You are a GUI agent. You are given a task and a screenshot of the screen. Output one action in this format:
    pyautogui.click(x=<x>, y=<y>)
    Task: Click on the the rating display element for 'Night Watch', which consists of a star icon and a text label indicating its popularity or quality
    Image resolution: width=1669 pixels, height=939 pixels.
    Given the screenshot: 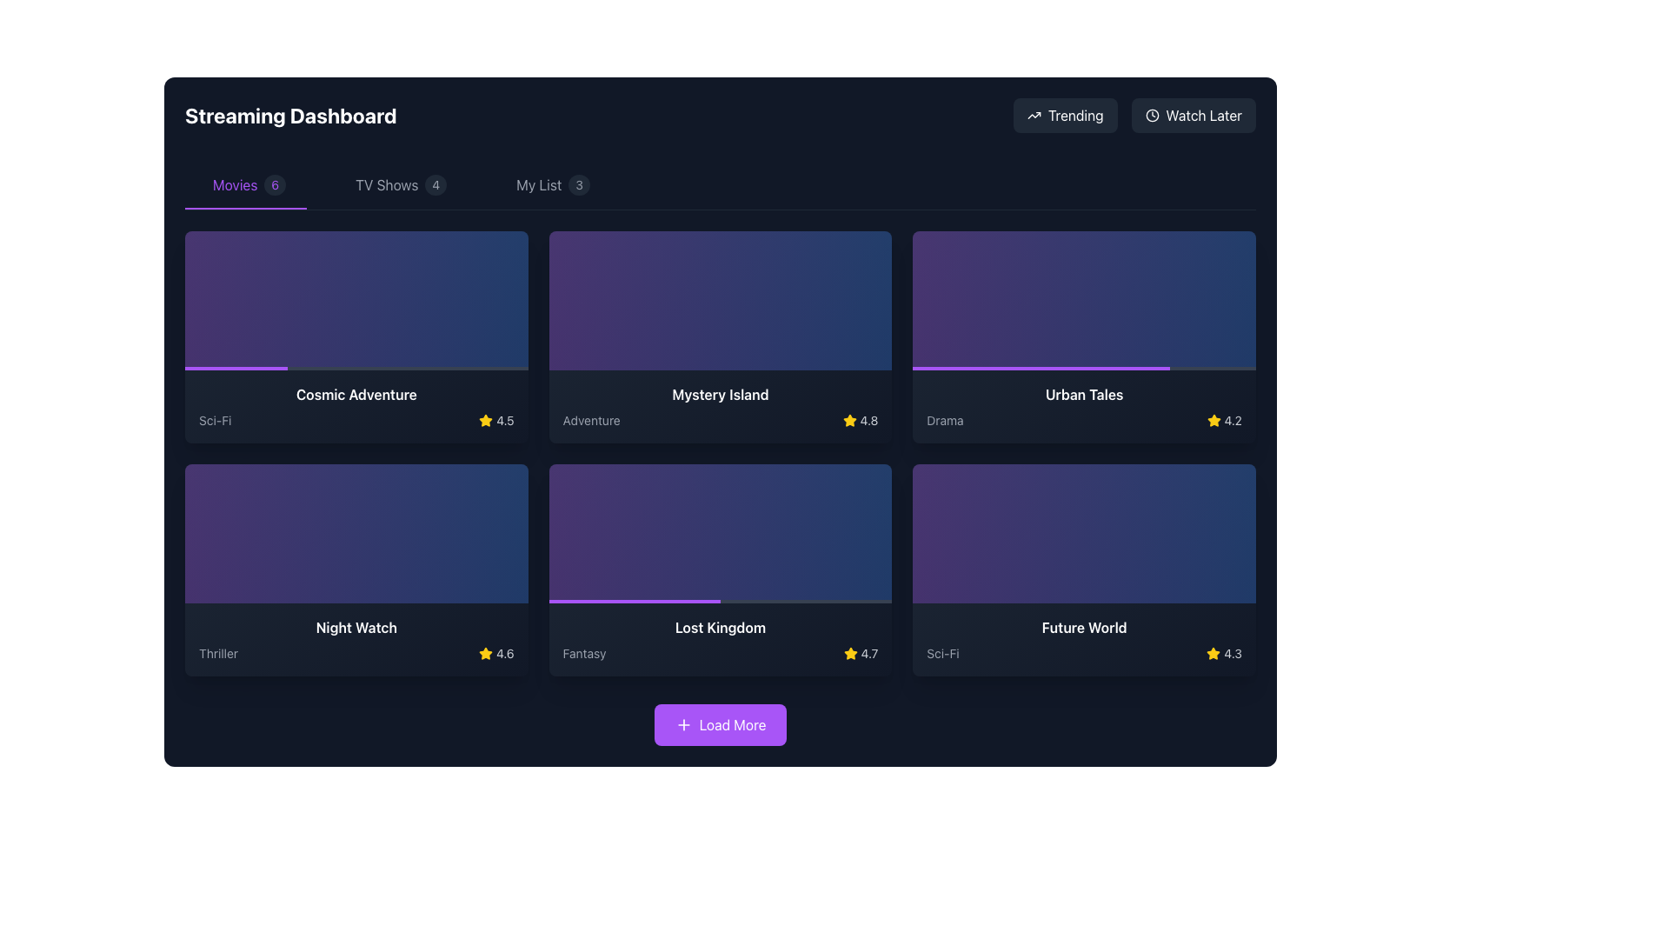 What is the action you would take?
    pyautogui.click(x=495, y=654)
    